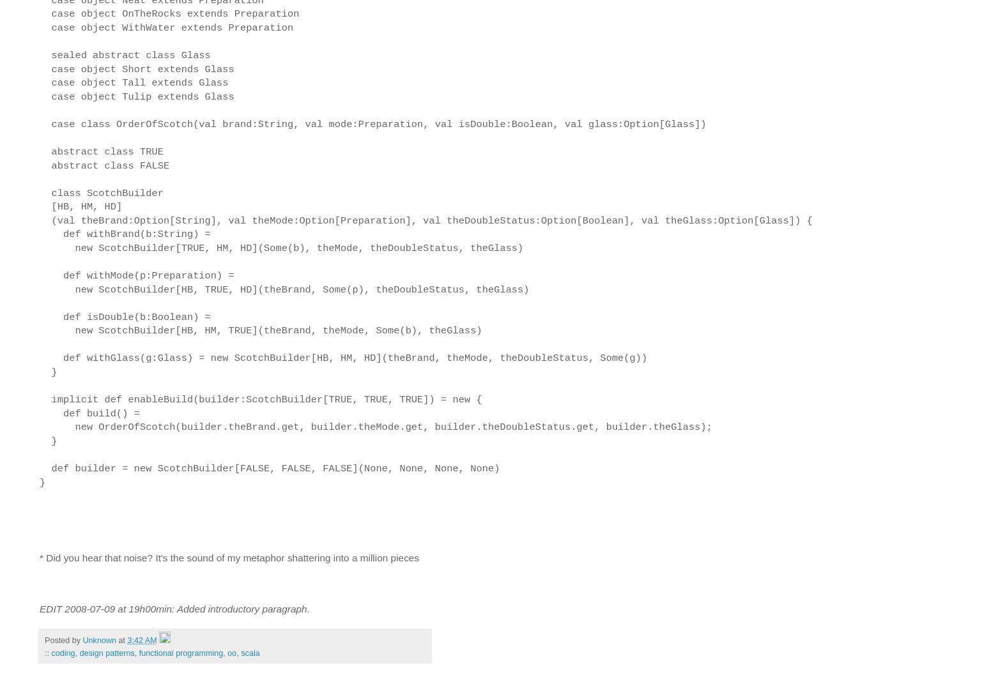  What do you see at coordinates (134, 83) in the screenshot?
I see `'case object Tall extends Glass'` at bounding box center [134, 83].